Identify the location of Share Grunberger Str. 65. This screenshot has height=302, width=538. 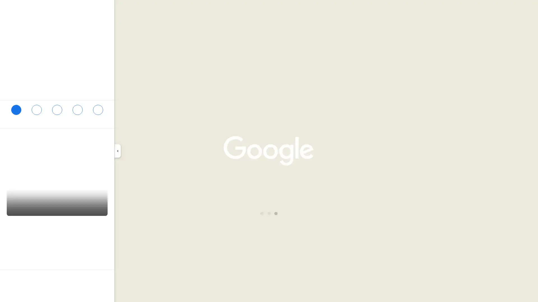
(98, 112).